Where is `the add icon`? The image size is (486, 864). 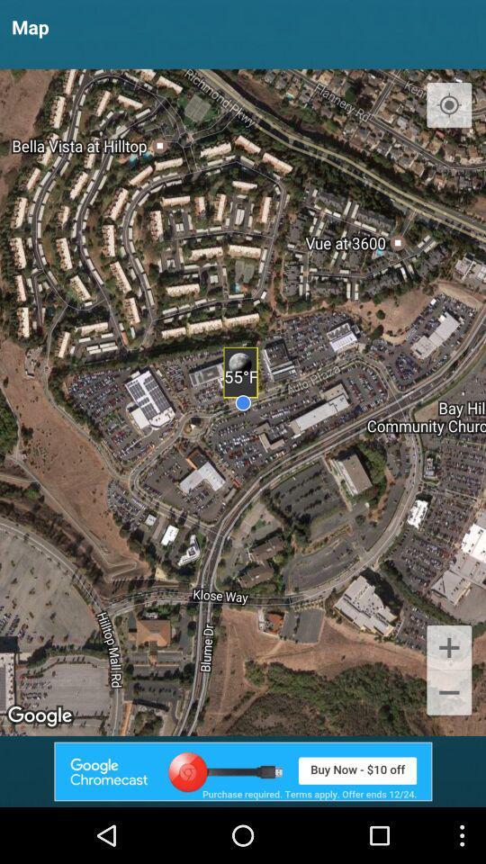 the add icon is located at coordinates (448, 691).